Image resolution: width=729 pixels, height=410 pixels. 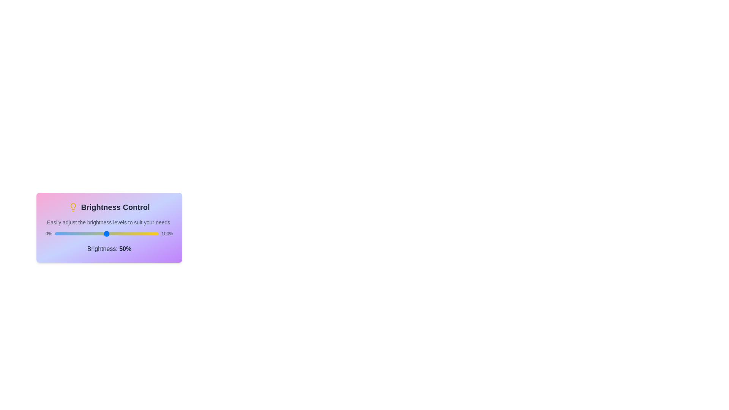 What do you see at coordinates (137, 233) in the screenshot?
I see `the brightness to 80% by moving the slider` at bounding box center [137, 233].